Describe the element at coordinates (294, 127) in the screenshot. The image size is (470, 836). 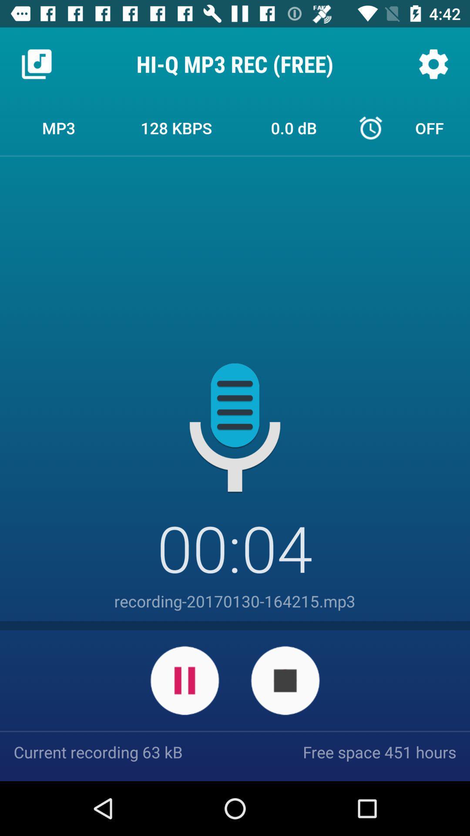
I see `the icon next to the 128 kbps icon` at that location.